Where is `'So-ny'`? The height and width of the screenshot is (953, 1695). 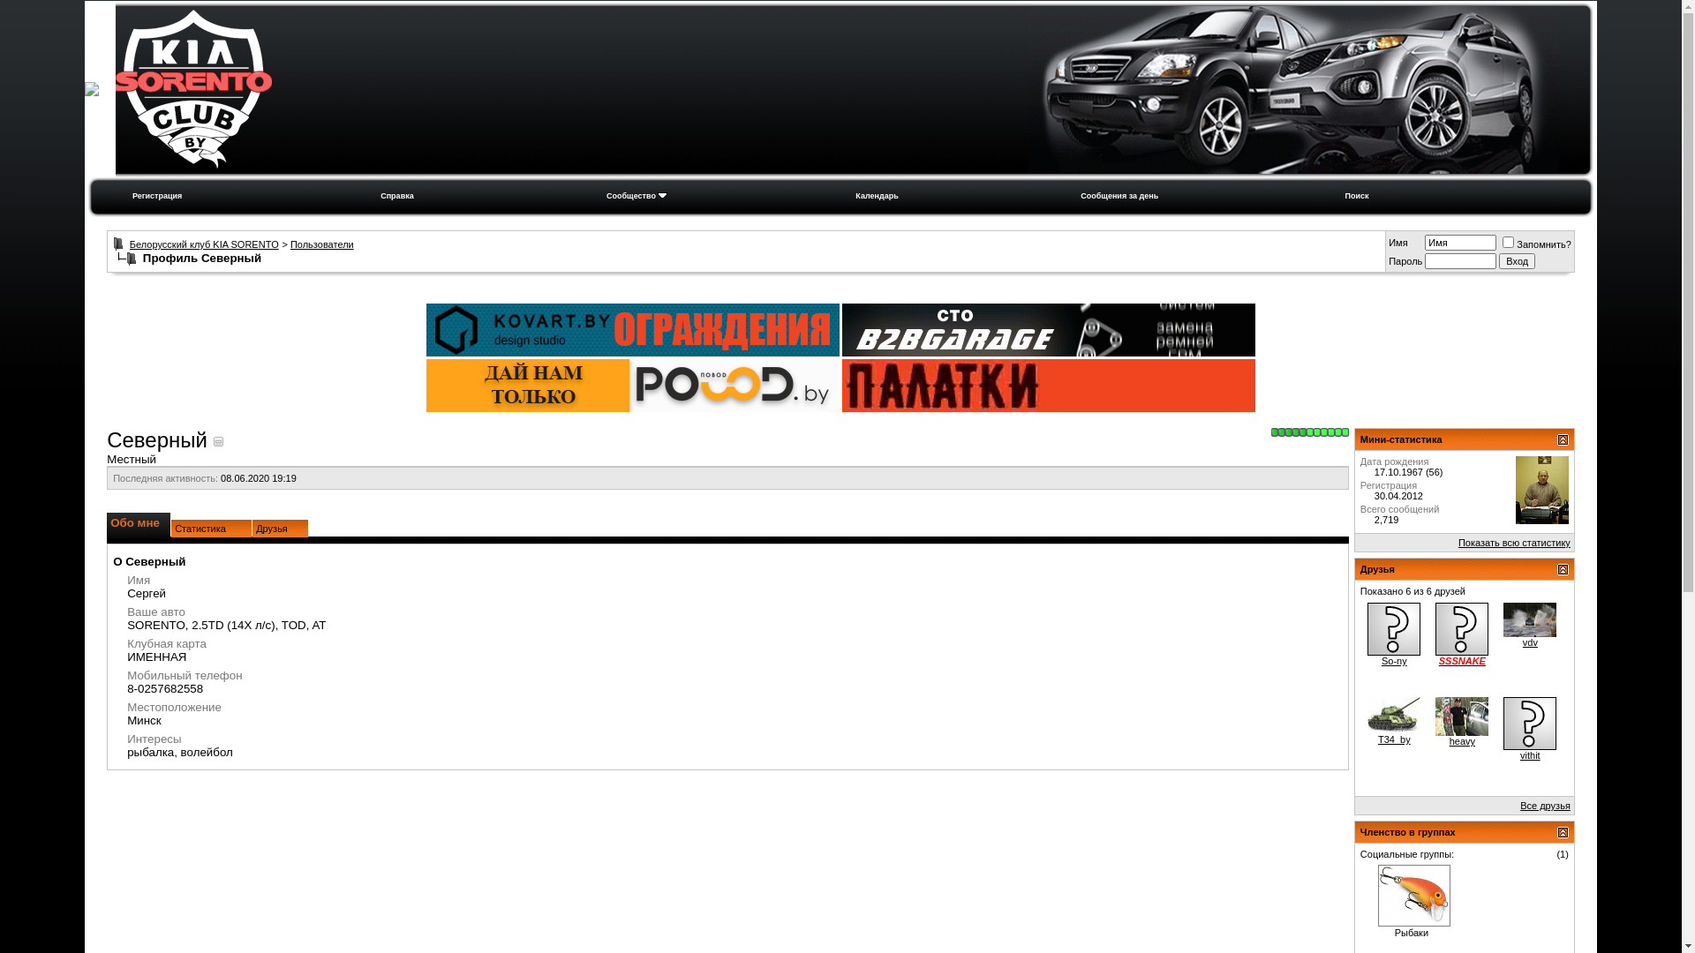
'So-ny' is located at coordinates (1393, 628).